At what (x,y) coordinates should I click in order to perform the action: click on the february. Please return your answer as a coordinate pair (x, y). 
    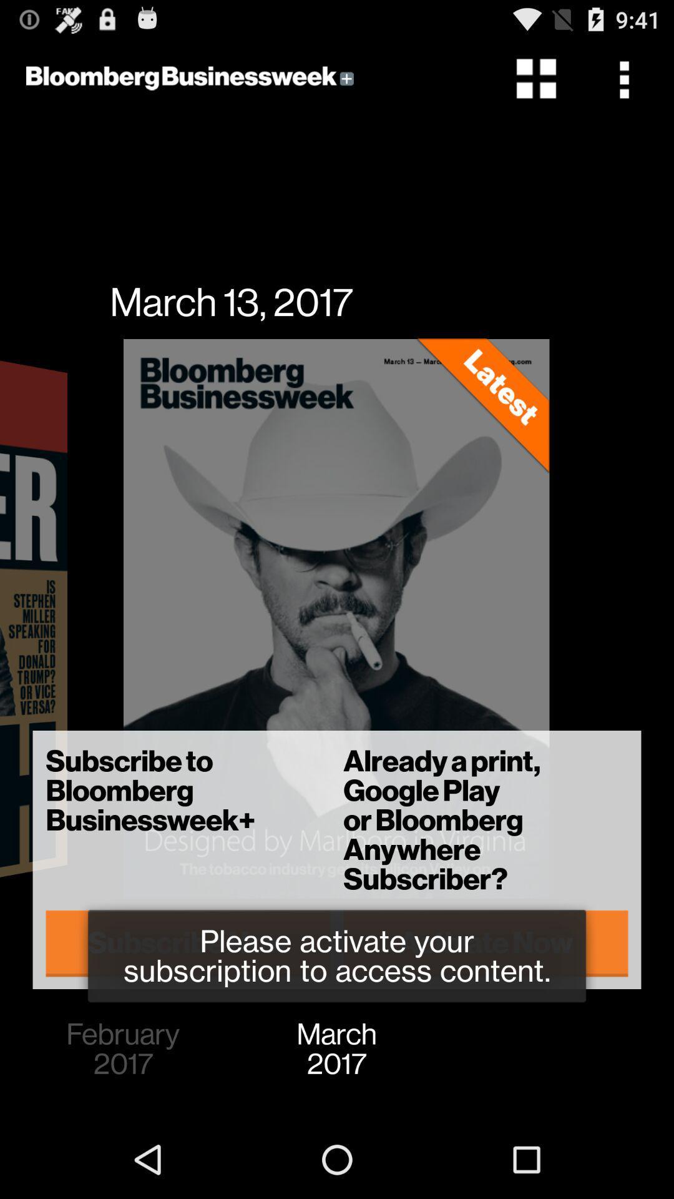
    Looking at the image, I should click on (123, 1049).